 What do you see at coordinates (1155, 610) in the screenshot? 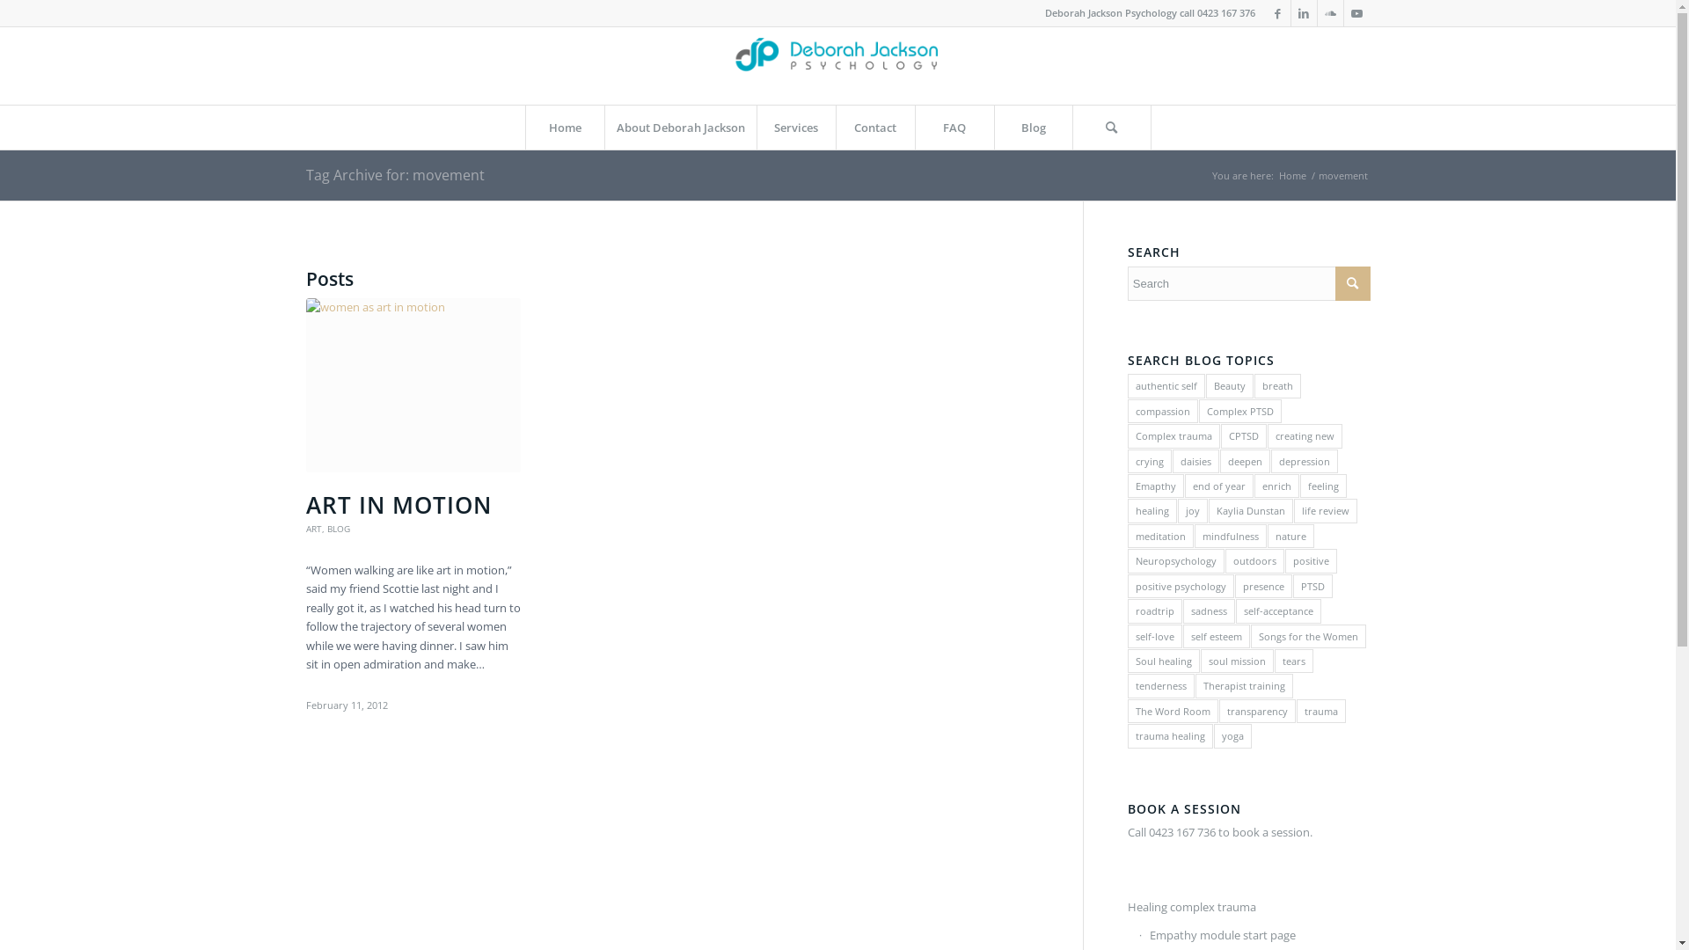
I see `'roadtrip'` at bounding box center [1155, 610].